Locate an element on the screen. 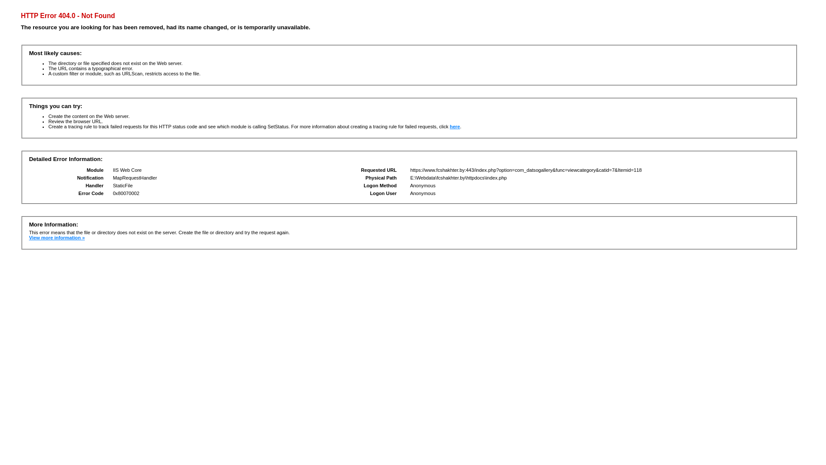 This screenshot has height=465, width=826. 'here' is located at coordinates (454, 126).